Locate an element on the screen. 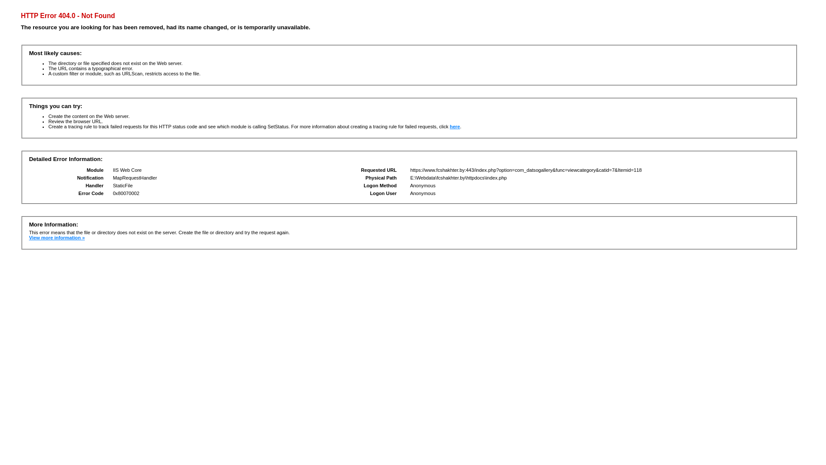 This screenshot has height=465, width=826. 'here' is located at coordinates (454, 126).